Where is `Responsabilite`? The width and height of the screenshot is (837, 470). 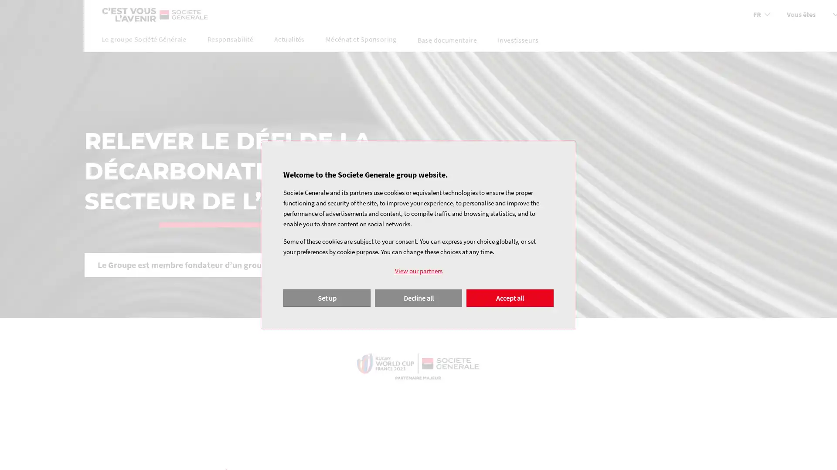 Responsabilite is located at coordinates (230, 73).